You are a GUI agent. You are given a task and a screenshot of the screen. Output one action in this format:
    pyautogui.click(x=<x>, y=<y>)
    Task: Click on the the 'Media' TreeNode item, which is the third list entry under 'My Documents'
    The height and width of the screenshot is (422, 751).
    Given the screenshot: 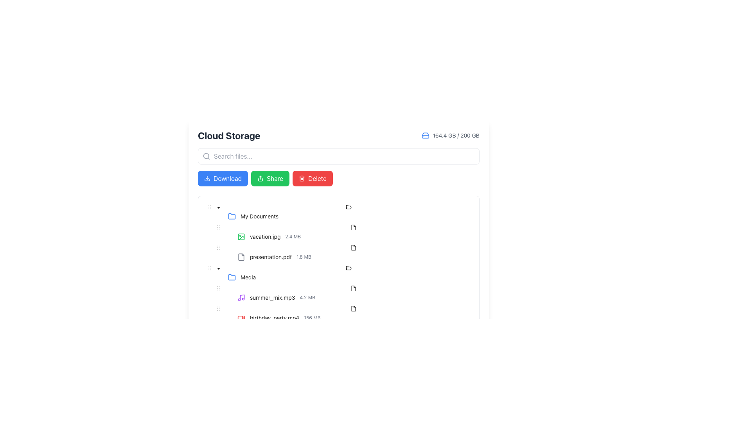 What is the action you would take?
    pyautogui.click(x=338, y=272)
    